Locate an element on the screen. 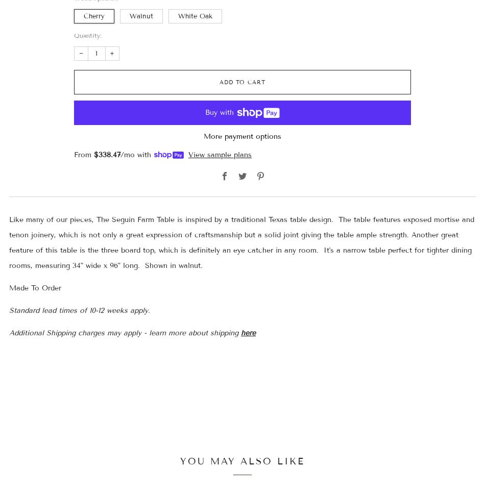  'Additional Shipping charges may apply - learn more about shipping' is located at coordinates (123, 332).